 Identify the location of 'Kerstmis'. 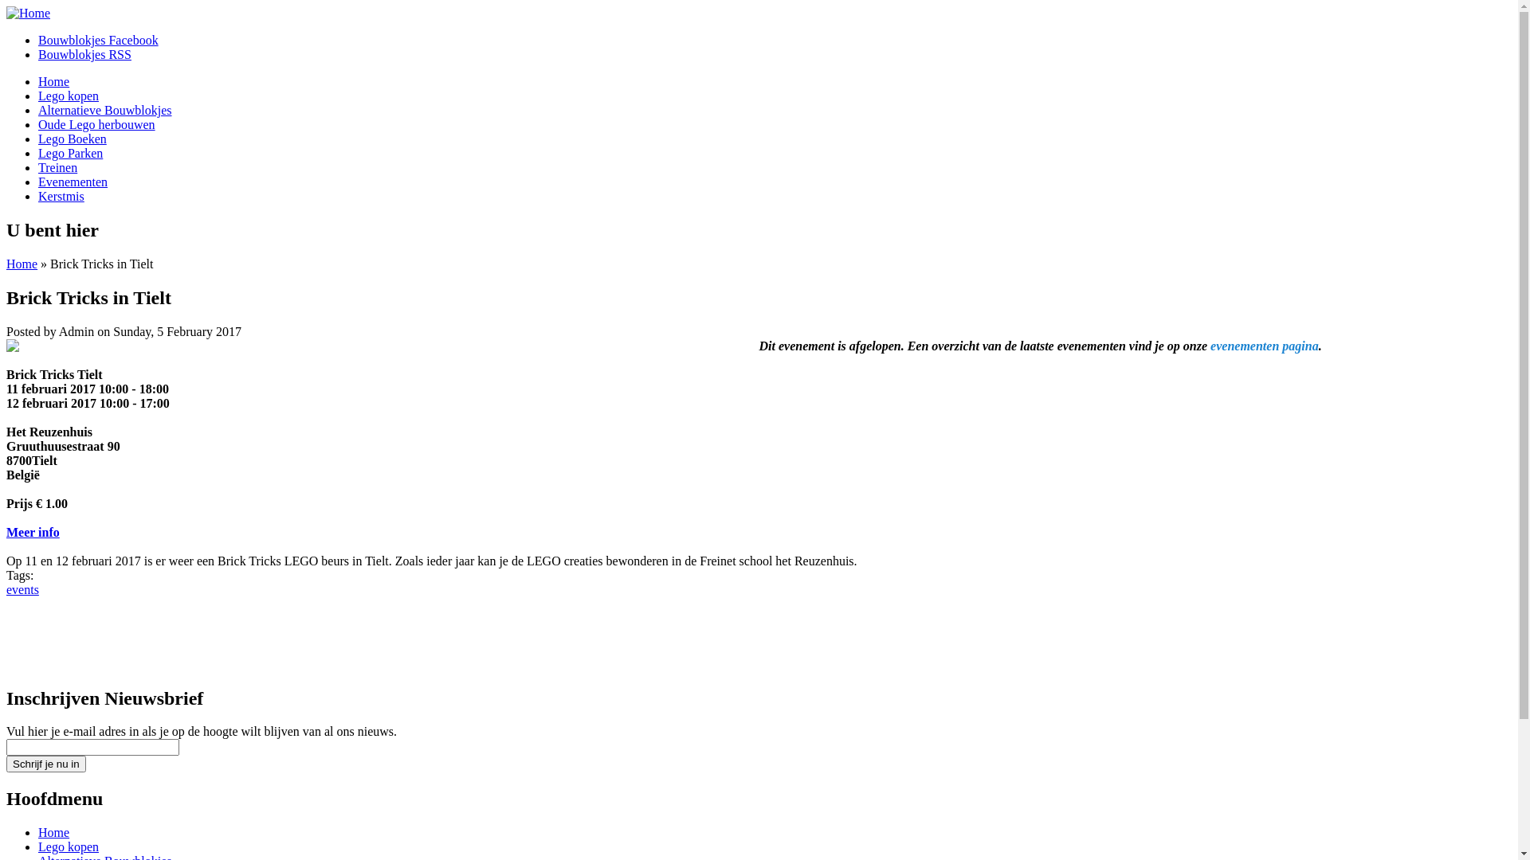
(61, 195).